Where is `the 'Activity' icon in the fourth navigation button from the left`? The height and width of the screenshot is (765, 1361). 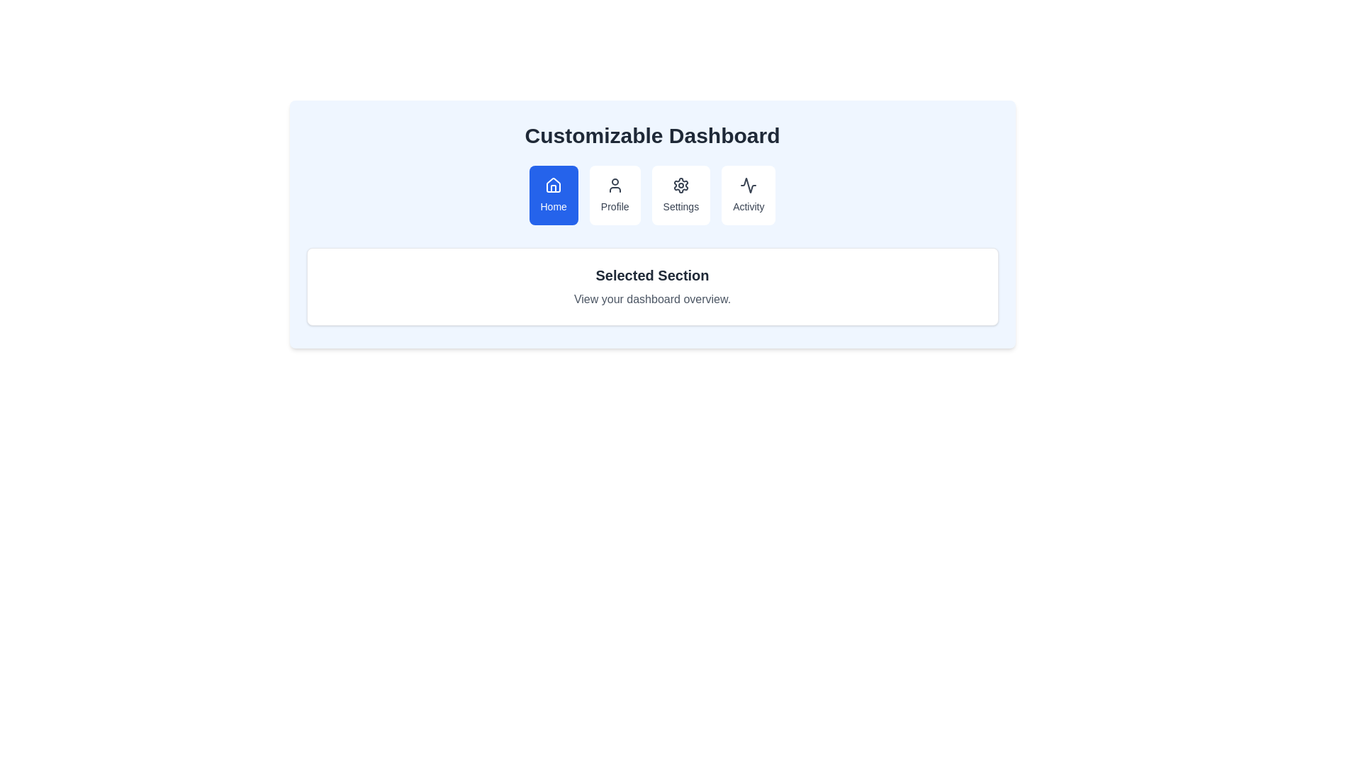
the 'Activity' icon in the fourth navigation button from the left is located at coordinates (748, 185).